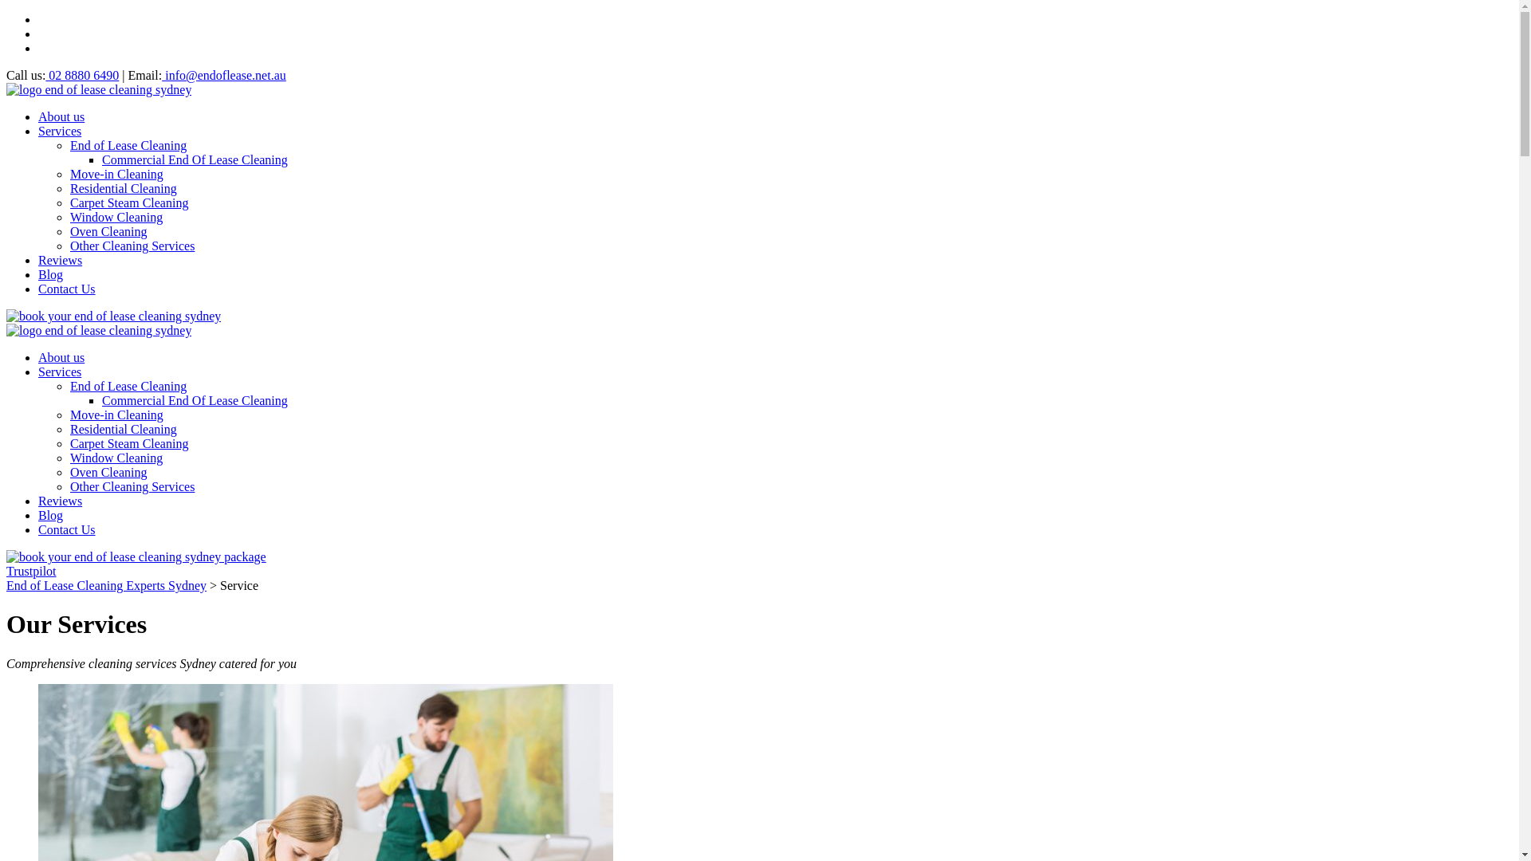  Describe the element at coordinates (107, 471) in the screenshot. I see `'Oven Cleaning'` at that location.